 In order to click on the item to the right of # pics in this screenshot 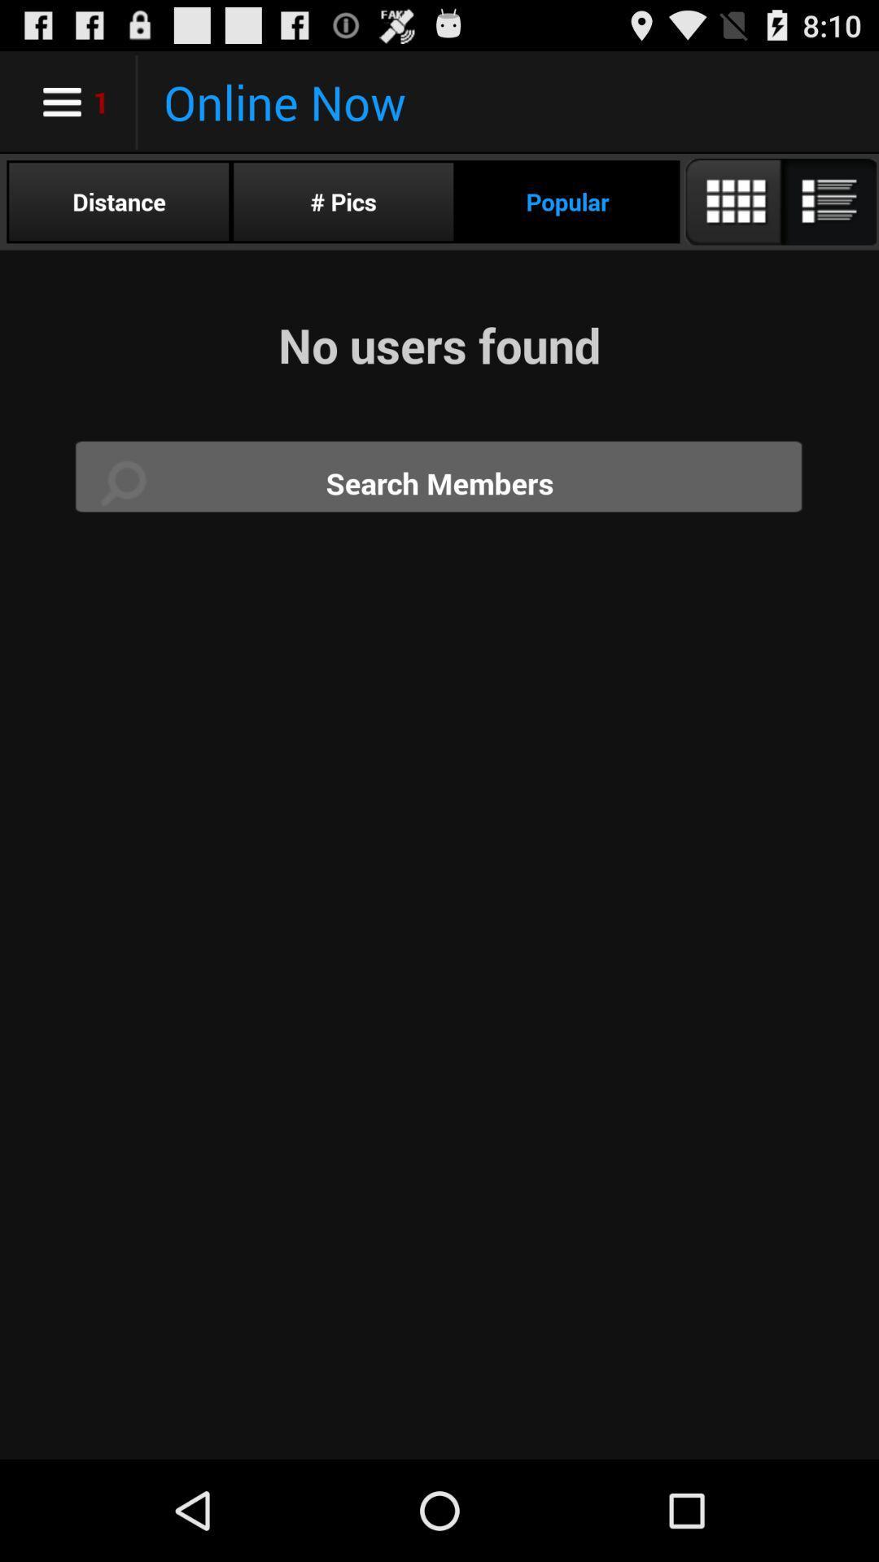, I will do `click(566, 201)`.